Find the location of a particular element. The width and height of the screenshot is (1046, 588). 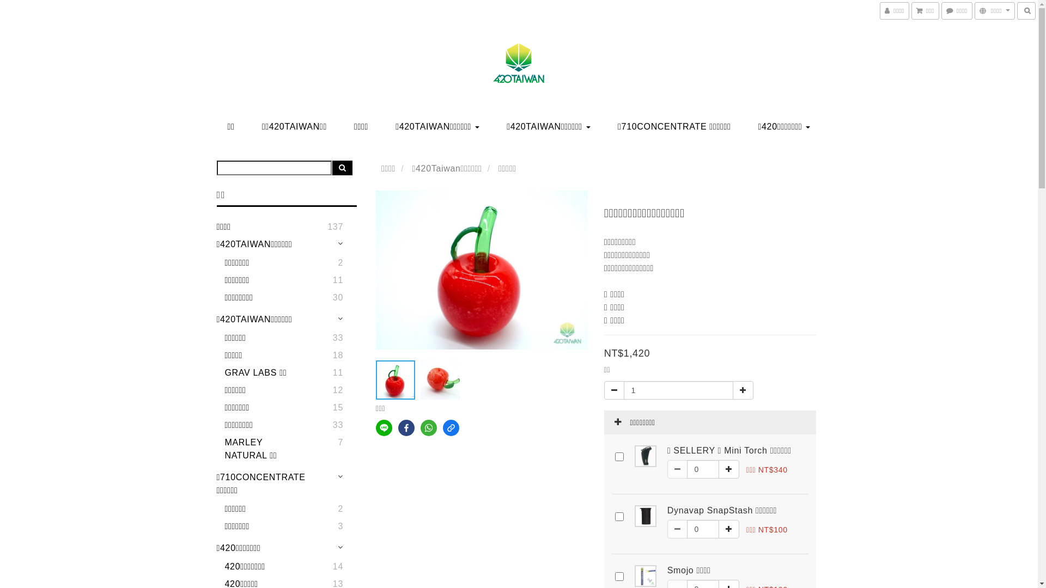

'facebook' is located at coordinates (405, 427).